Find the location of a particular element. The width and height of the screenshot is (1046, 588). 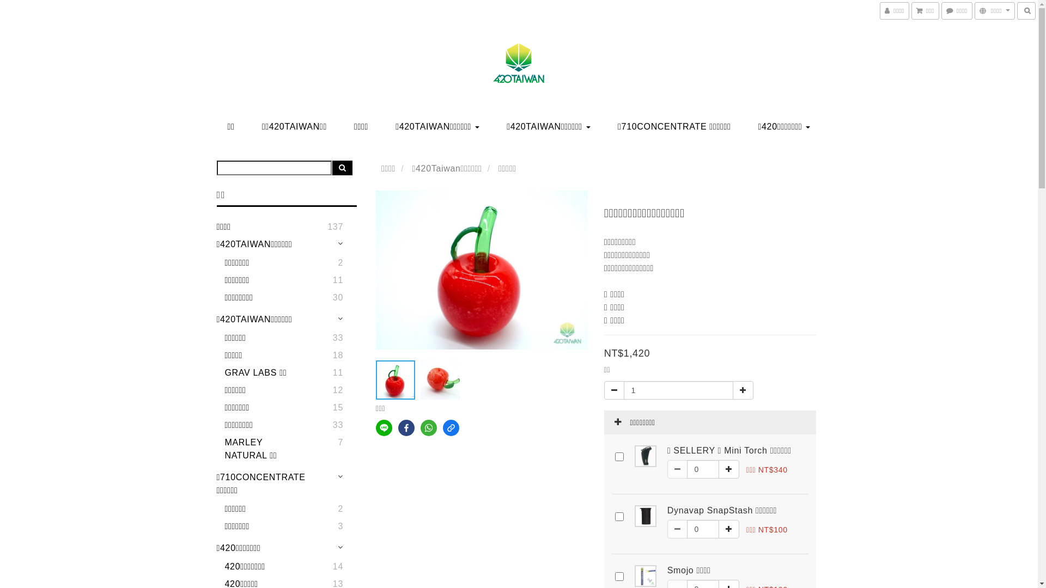

'facebook' is located at coordinates (405, 427).